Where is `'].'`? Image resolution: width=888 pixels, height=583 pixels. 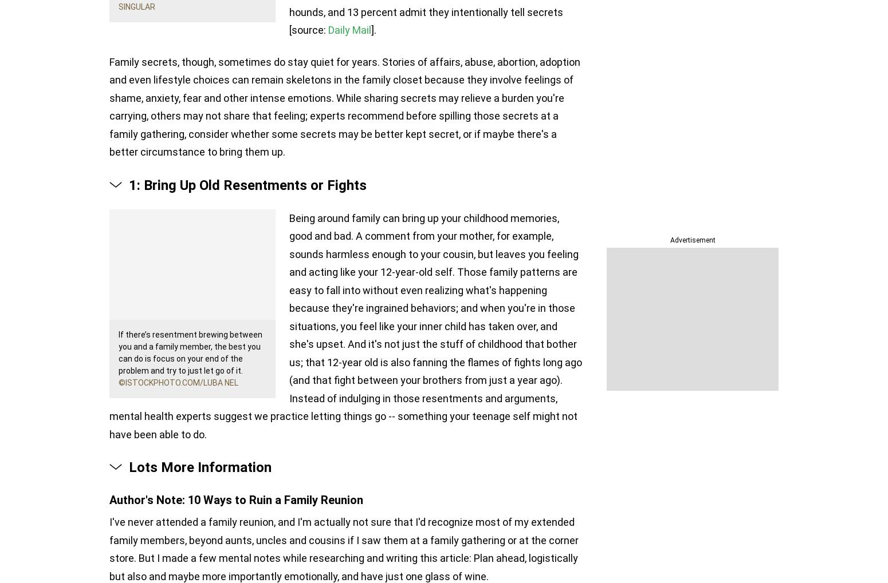
'].' is located at coordinates (373, 30).